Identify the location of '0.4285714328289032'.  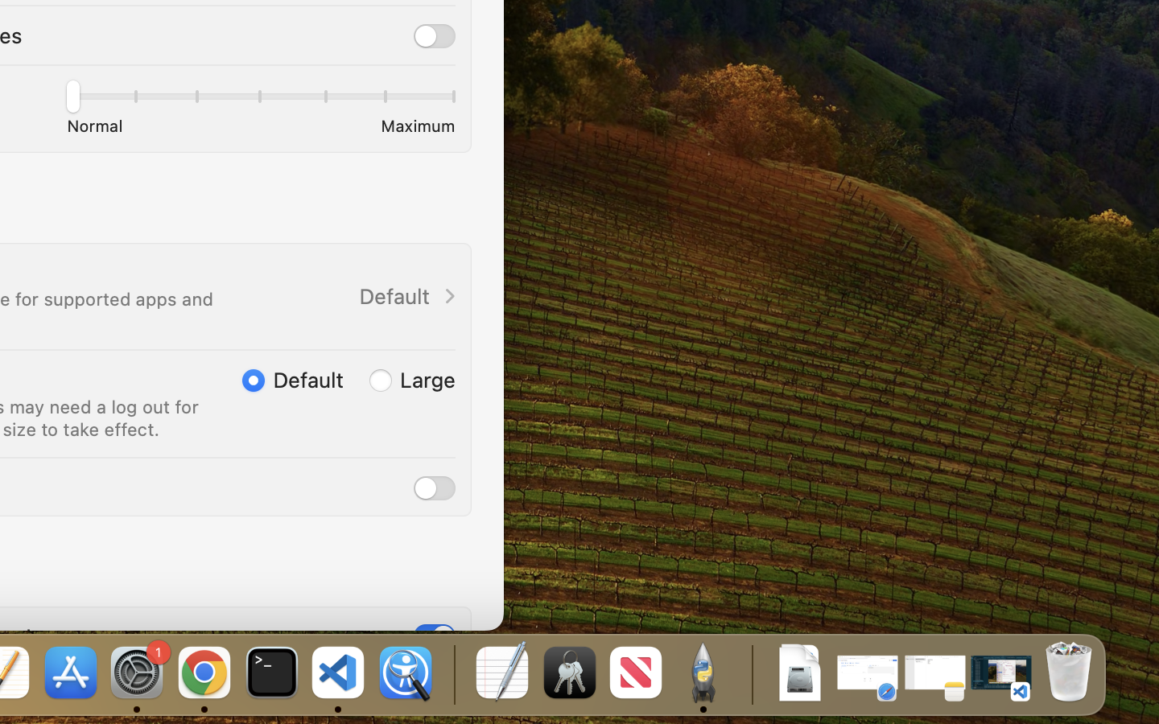
(452, 673).